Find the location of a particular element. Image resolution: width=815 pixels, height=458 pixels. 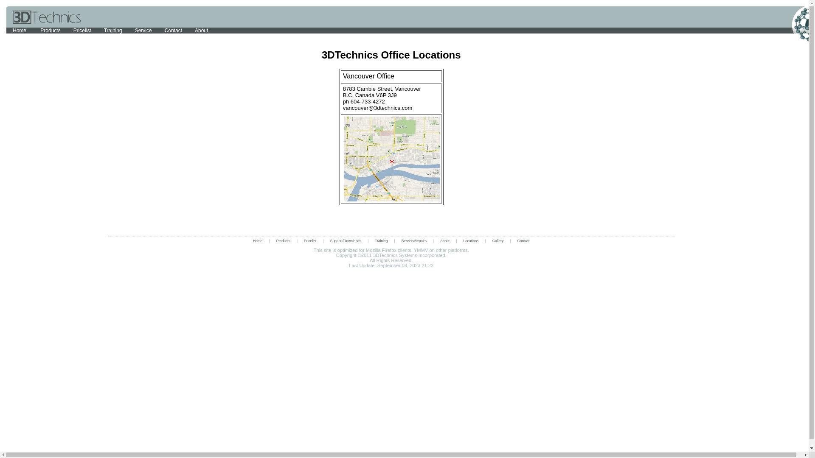

'Locations' is located at coordinates (470, 240).